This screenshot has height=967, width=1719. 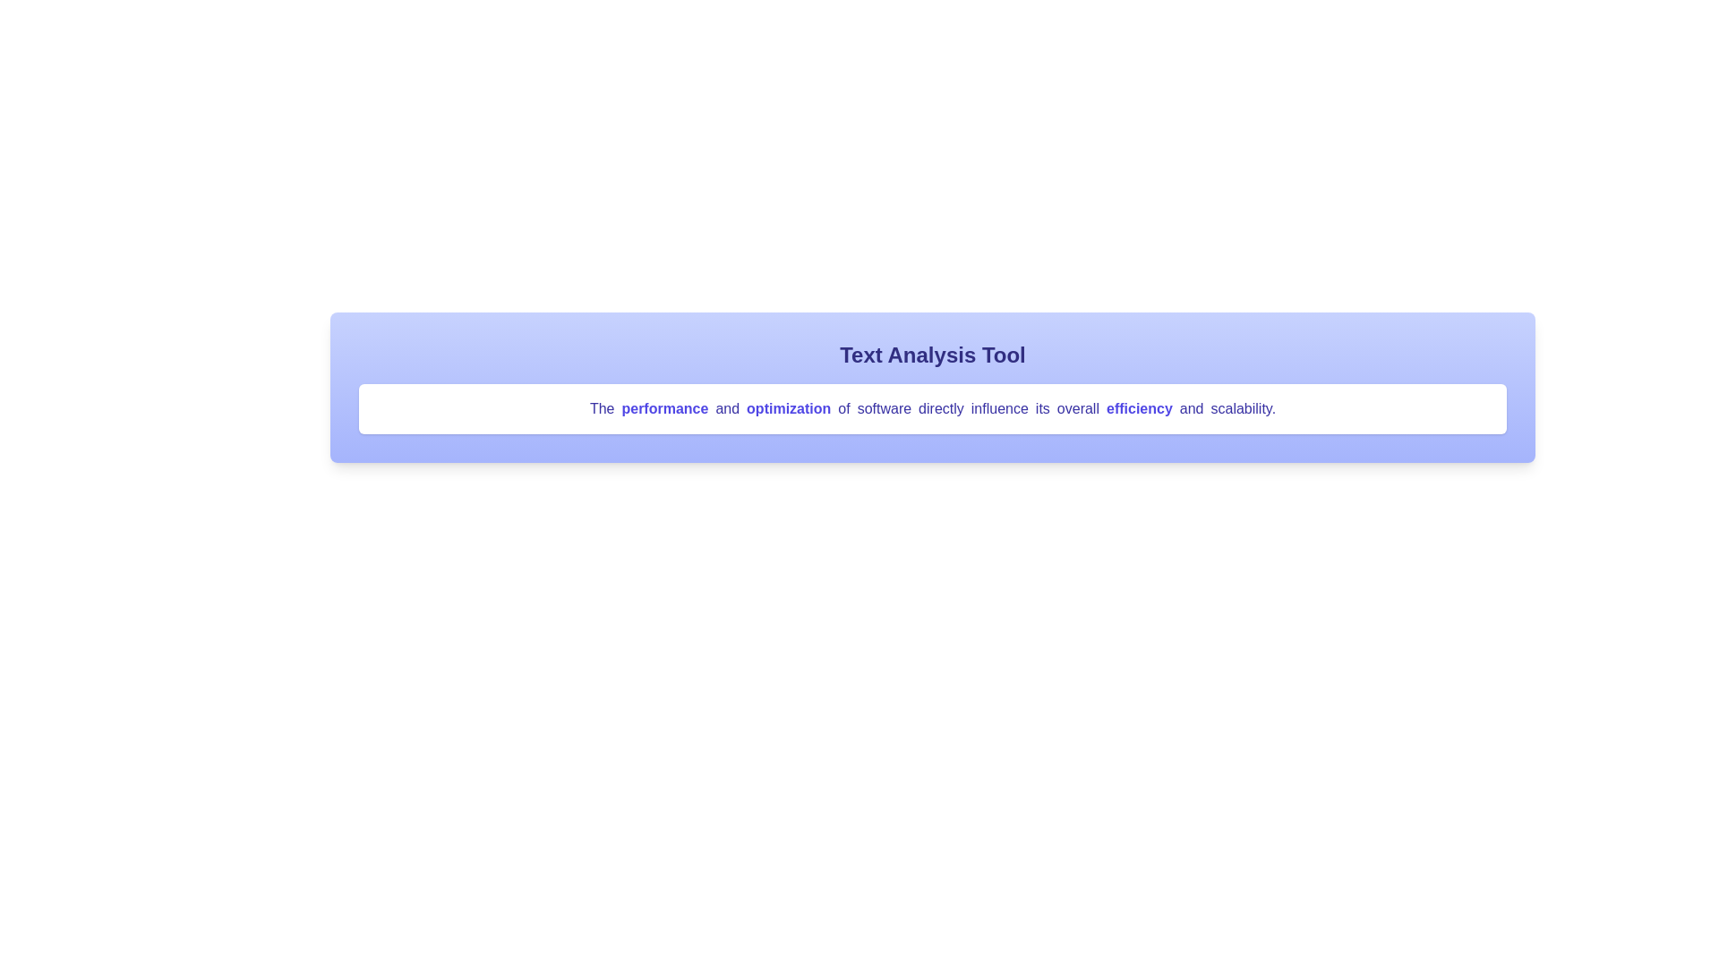 I want to click on the text element reading 'of', which is styled in blue and is the fifth word, so click(x=842, y=408).